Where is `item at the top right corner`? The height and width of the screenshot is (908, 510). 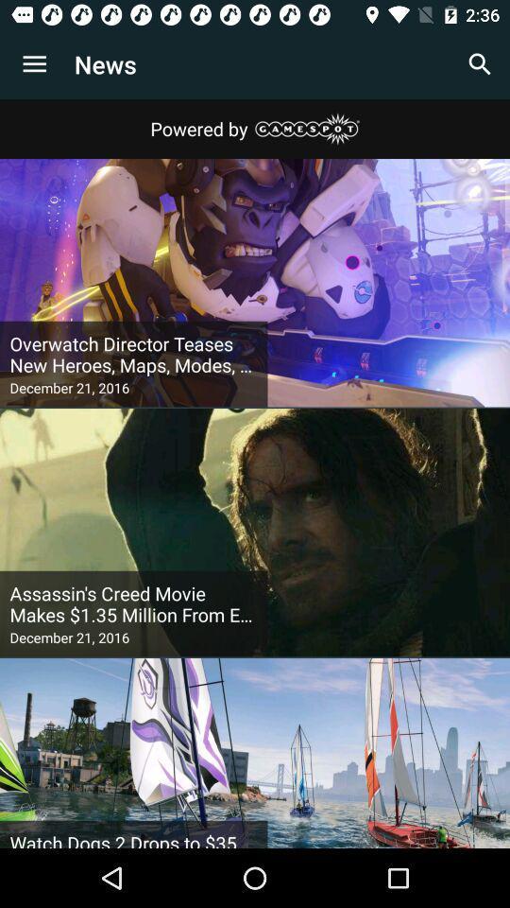 item at the top right corner is located at coordinates (480, 64).